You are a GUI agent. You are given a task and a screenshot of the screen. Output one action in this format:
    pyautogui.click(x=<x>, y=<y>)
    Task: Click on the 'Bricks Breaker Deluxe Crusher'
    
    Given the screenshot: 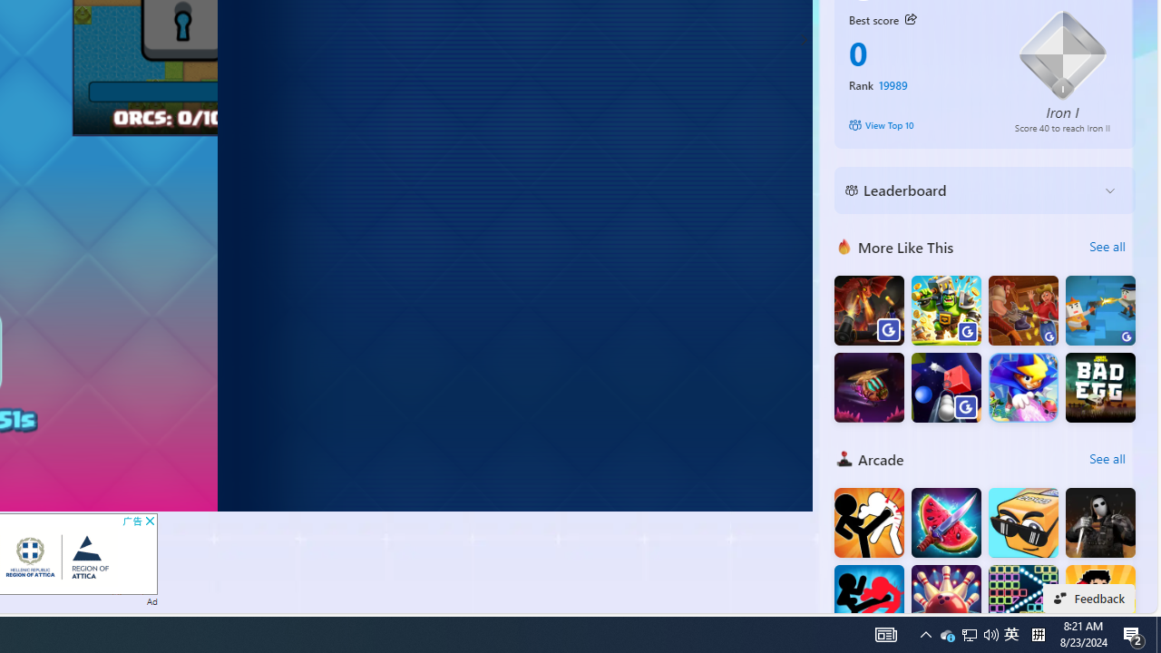 What is the action you would take?
    pyautogui.click(x=1023, y=599)
    